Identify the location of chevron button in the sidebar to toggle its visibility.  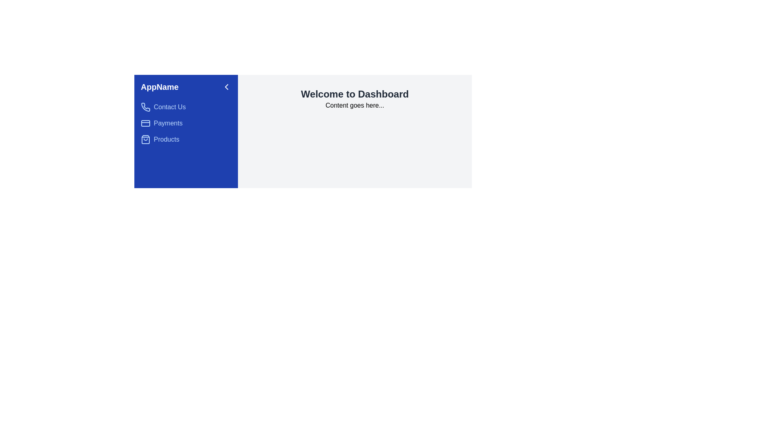
(227, 87).